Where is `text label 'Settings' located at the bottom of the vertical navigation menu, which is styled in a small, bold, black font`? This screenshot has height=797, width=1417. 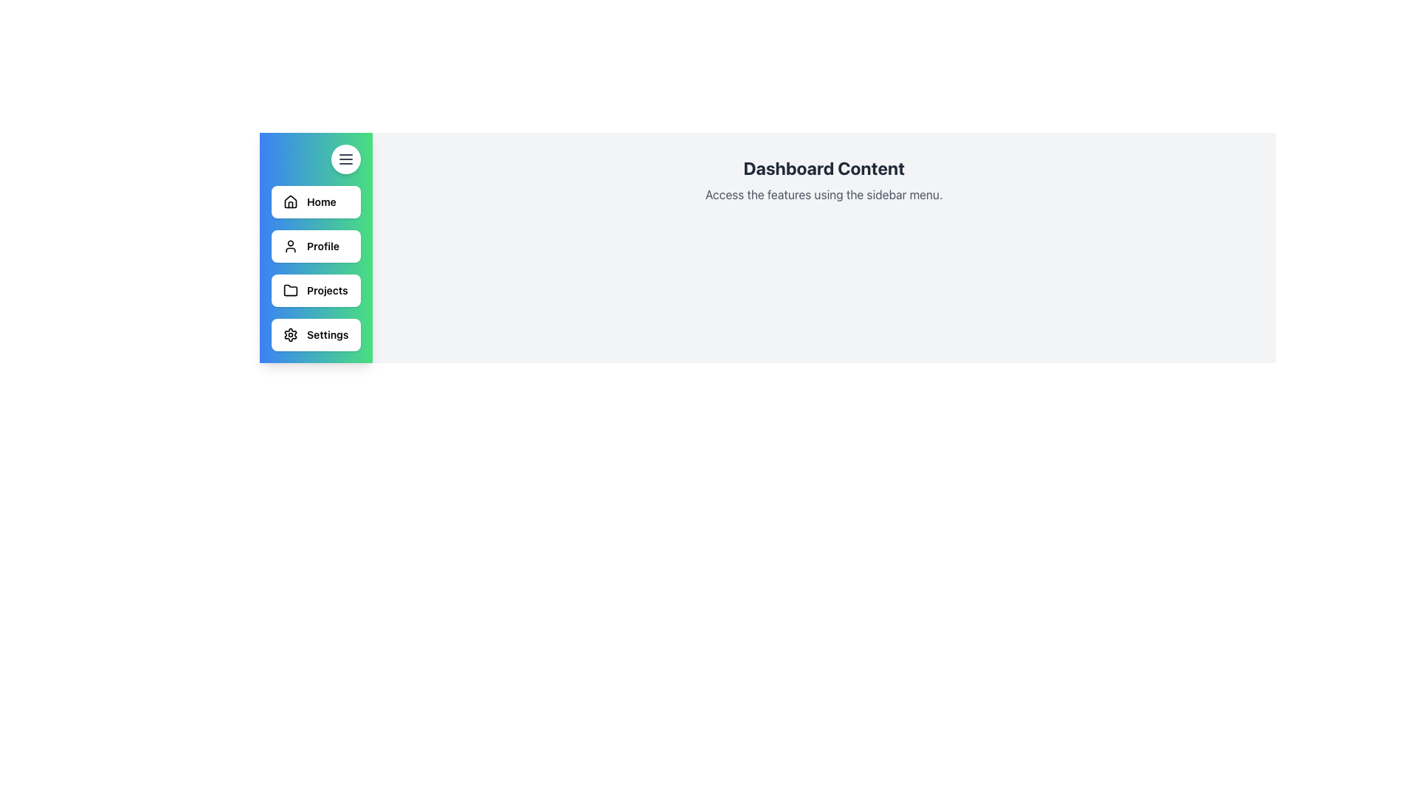
text label 'Settings' located at the bottom of the vertical navigation menu, which is styled in a small, bold, black font is located at coordinates (327, 335).